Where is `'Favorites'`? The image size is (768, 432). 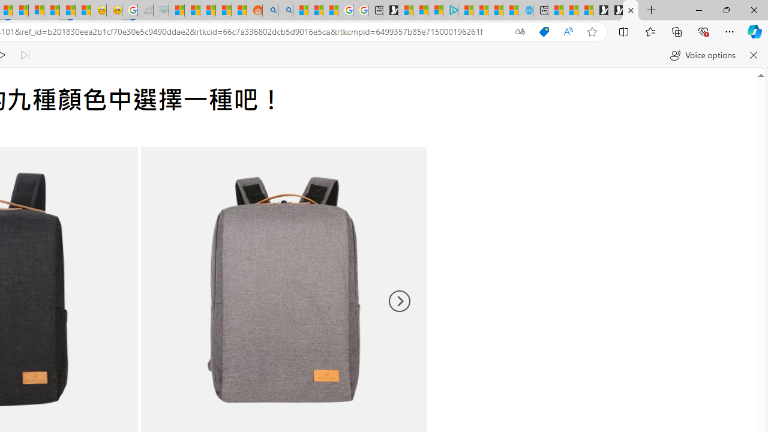 'Favorites' is located at coordinates (649, 31).